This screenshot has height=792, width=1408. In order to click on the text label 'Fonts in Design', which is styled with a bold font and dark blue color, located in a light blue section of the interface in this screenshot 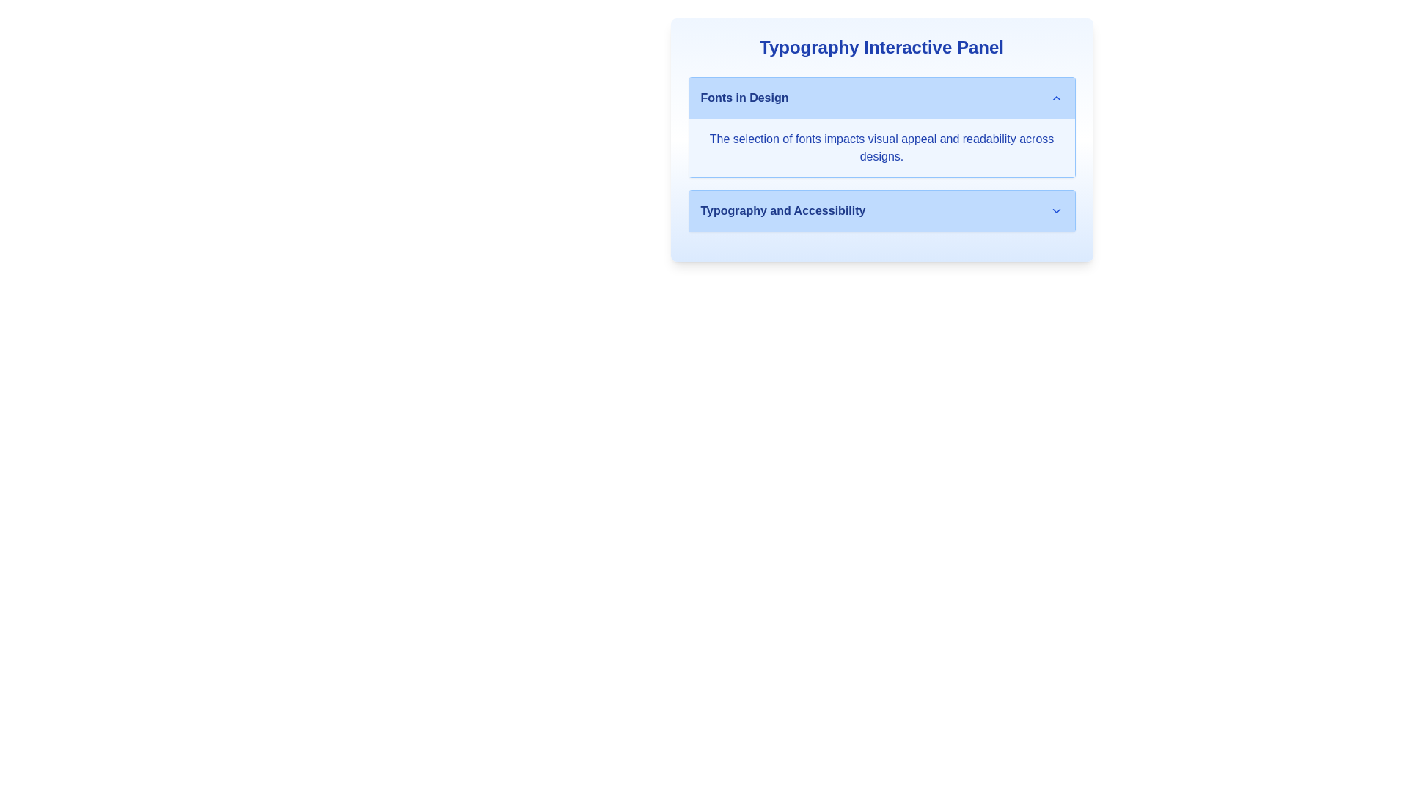, I will do `click(744, 98)`.